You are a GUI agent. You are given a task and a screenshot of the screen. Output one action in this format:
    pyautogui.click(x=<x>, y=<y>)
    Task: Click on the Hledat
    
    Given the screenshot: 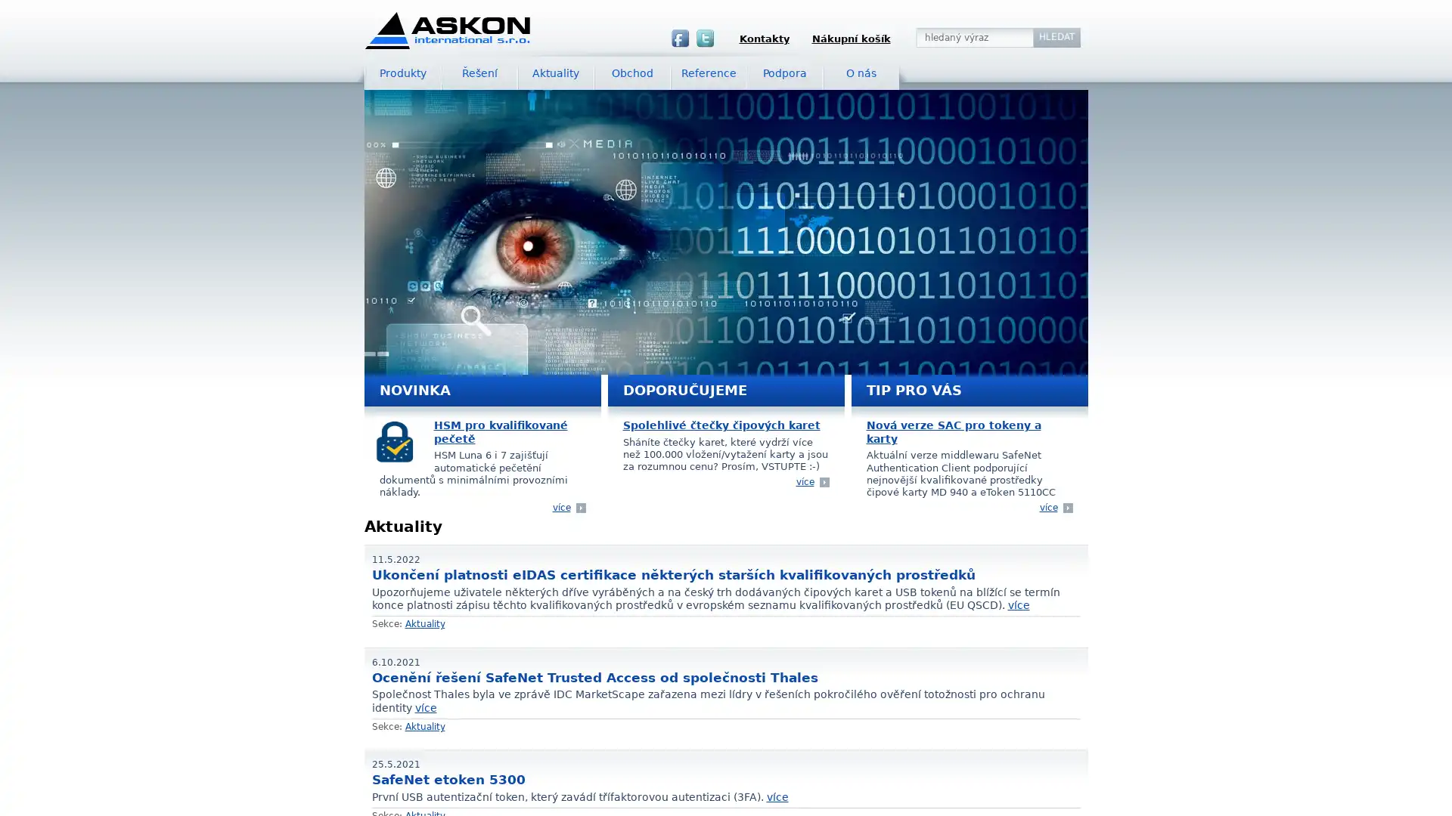 What is the action you would take?
    pyautogui.click(x=1056, y=37)
    